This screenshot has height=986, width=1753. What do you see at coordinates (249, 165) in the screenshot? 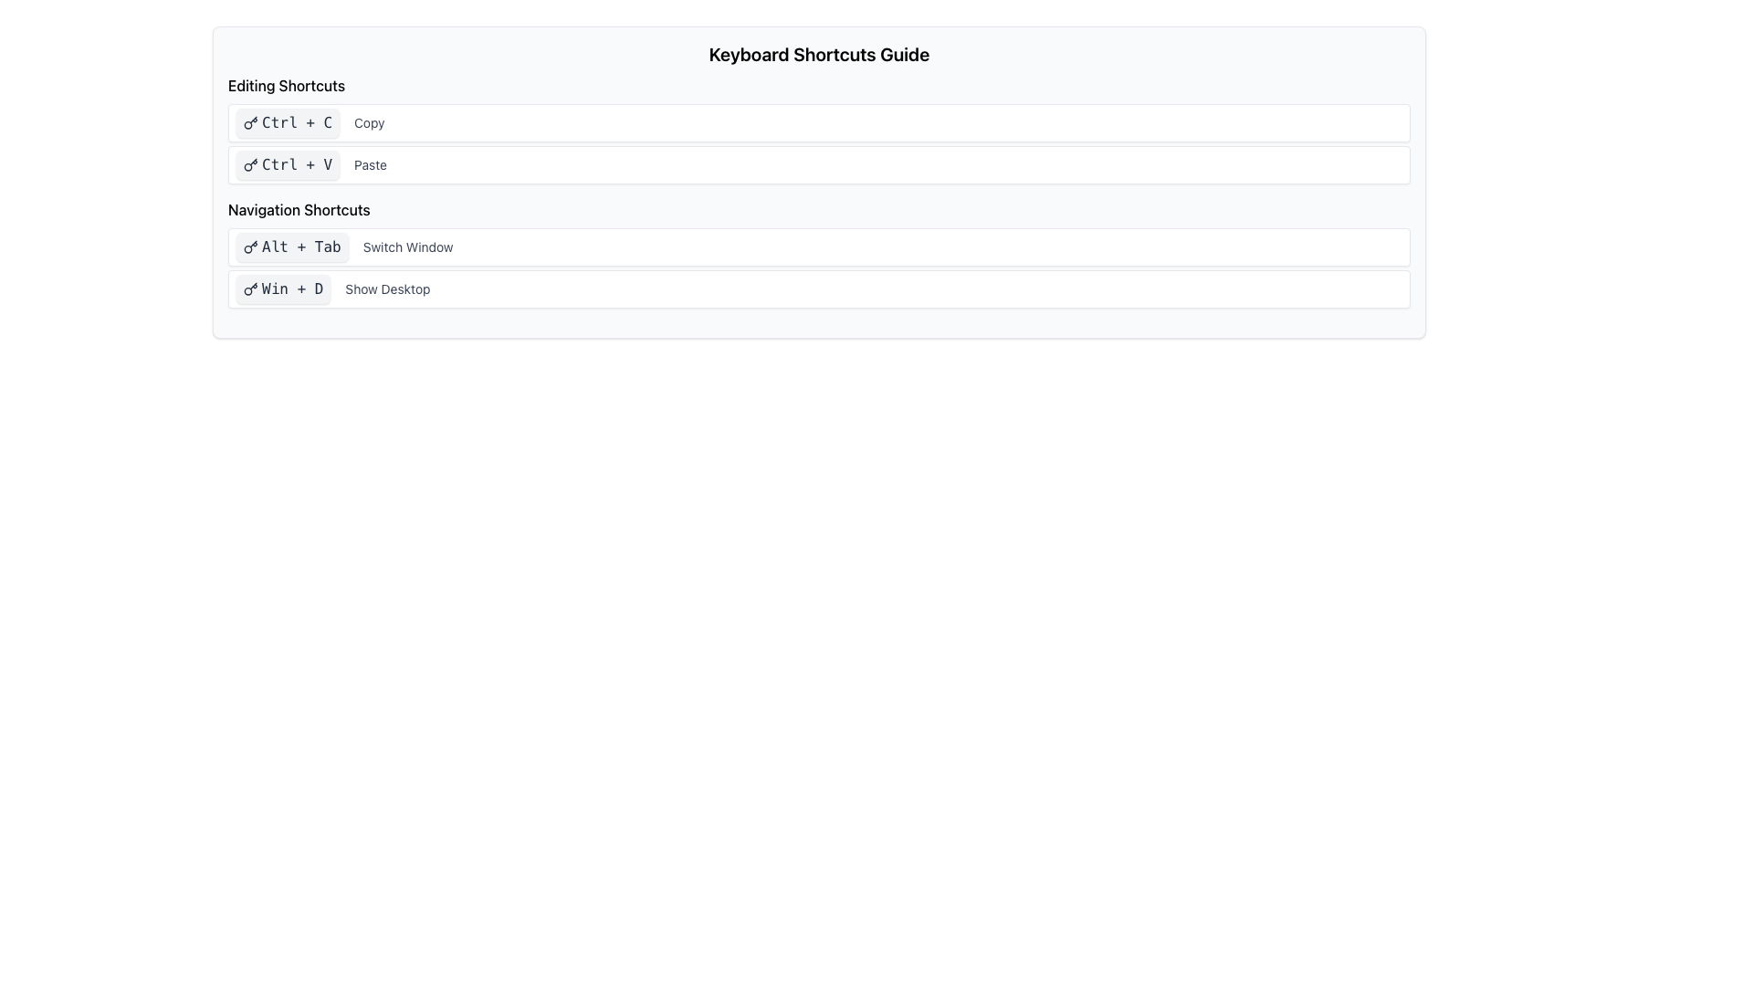
I see `the 'Paste' icon located to the left of the 'Ctrl + V' text within the 'Editing Shortcuts' button` at bounding box center [249, 165].